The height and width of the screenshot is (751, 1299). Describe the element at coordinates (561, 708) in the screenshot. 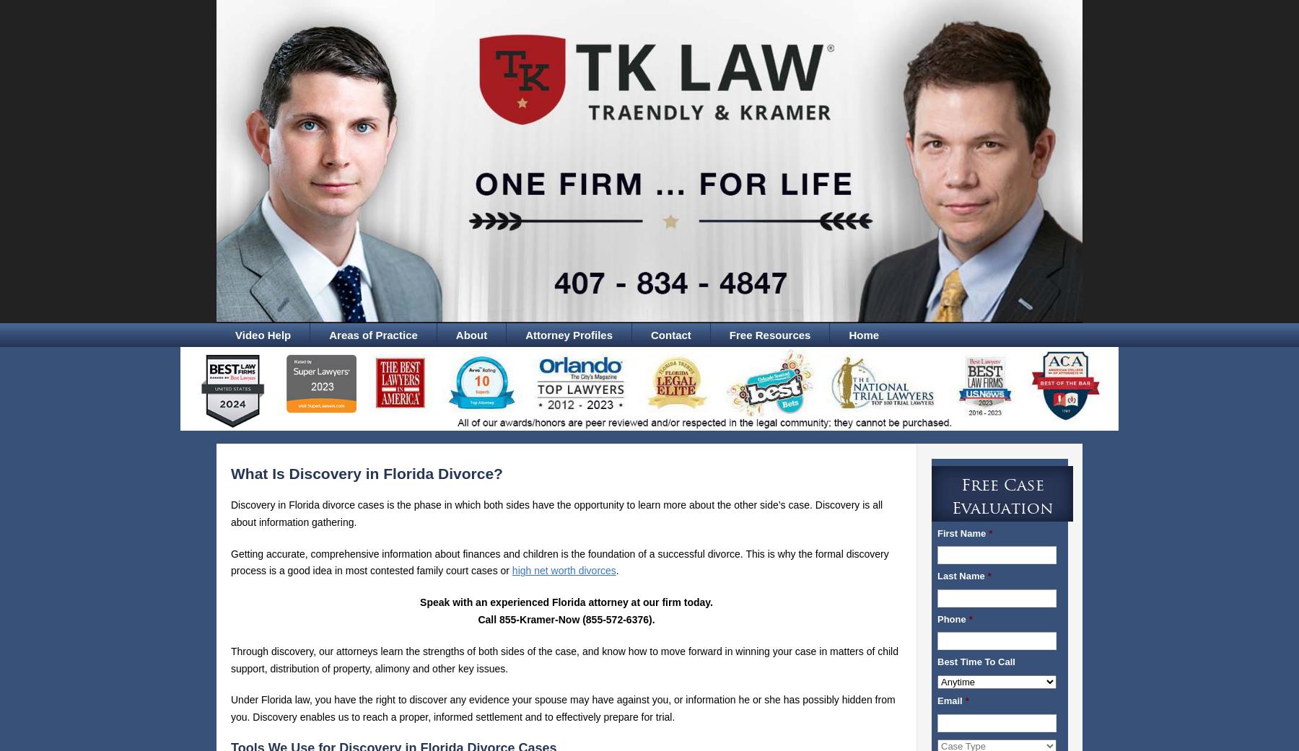

I see `'Under Florida law, you have the right to discover any evidence your spouse may have against you, or information he or she has possibly hidden from you. Discovery enables us to reach a proper, informed settlement and to effectively prepare for trial.'` at that location.